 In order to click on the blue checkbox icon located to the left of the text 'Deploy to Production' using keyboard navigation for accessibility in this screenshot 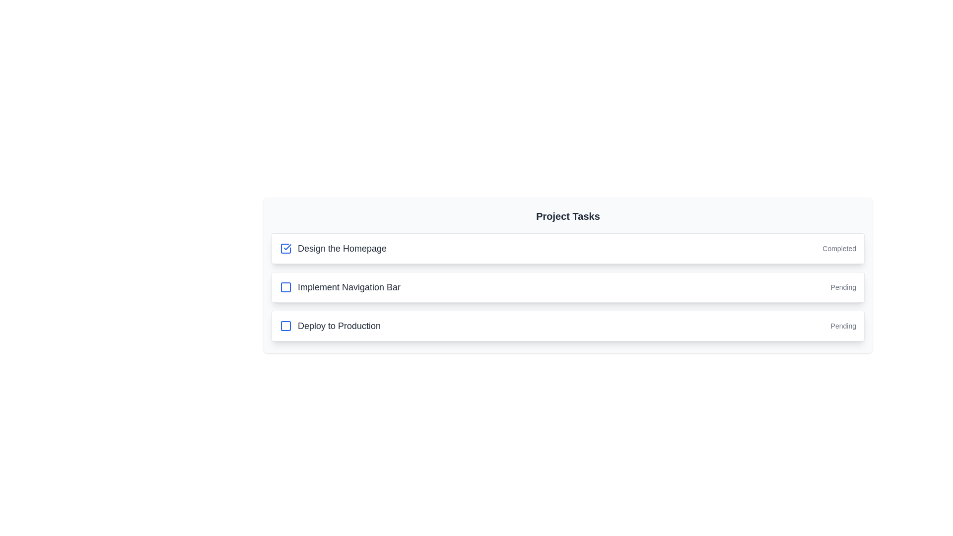, I will do `click(285, 326)`.